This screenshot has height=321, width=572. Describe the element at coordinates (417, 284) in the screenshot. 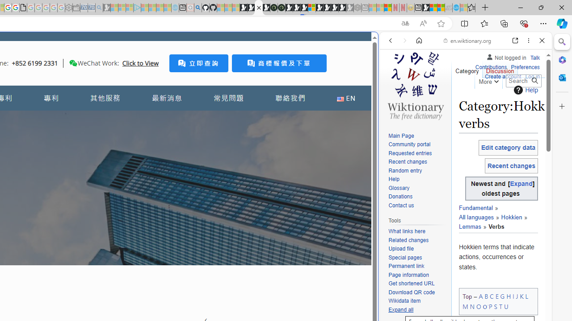

I see `'Get shortened URL'` at that location.